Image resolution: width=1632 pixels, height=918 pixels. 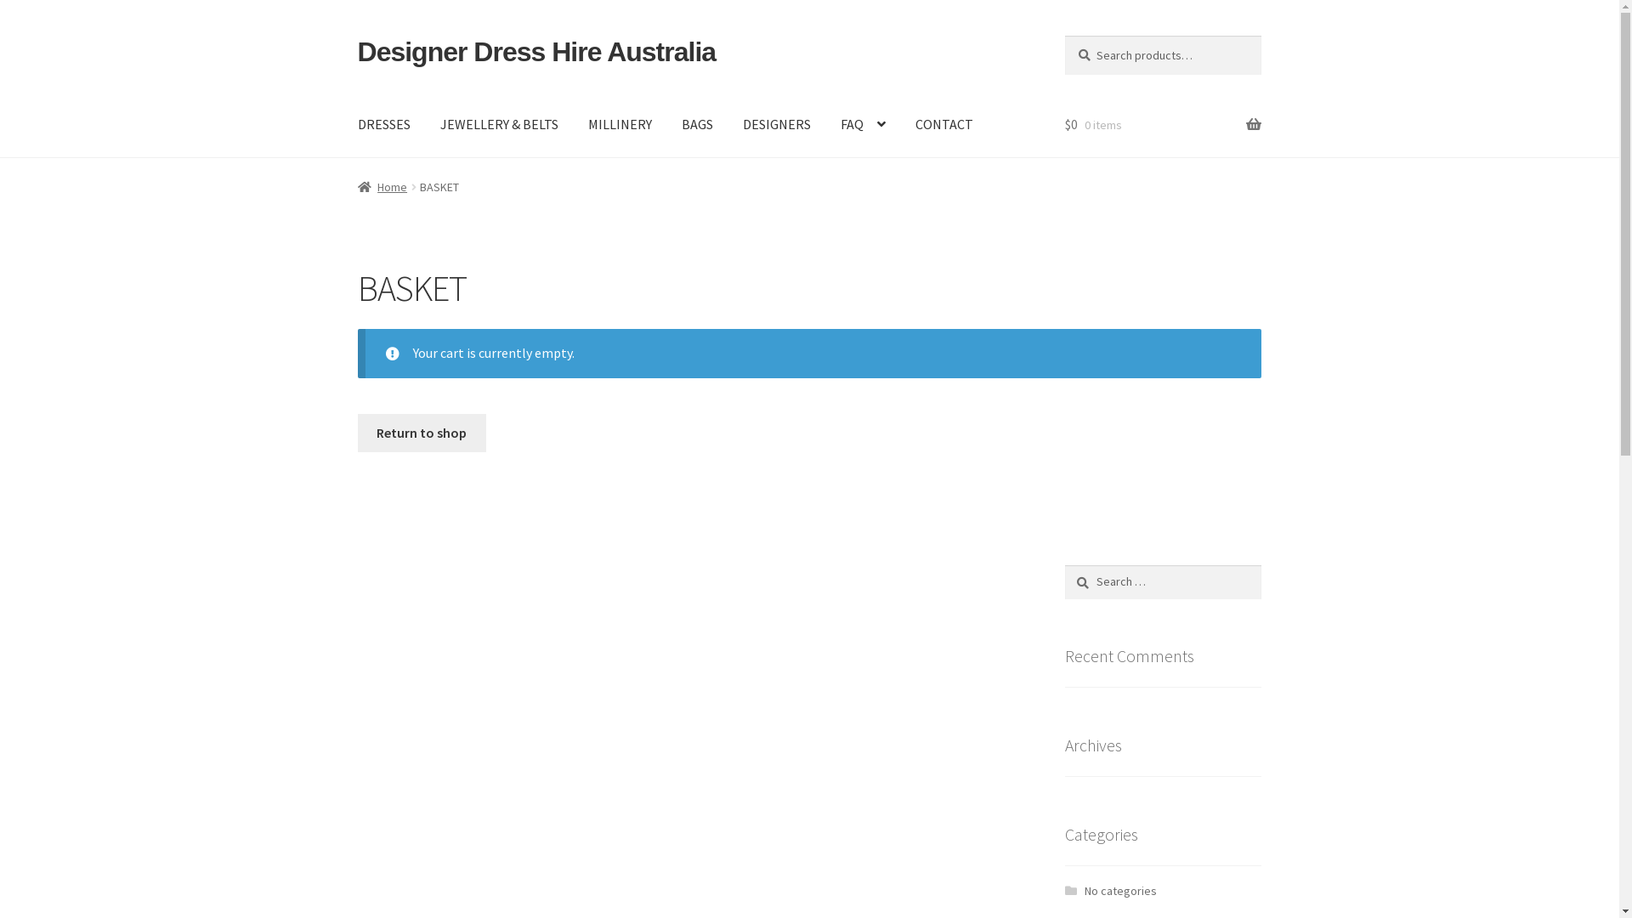 I want to click on 'DRESSES', so click(x=382, y=123).